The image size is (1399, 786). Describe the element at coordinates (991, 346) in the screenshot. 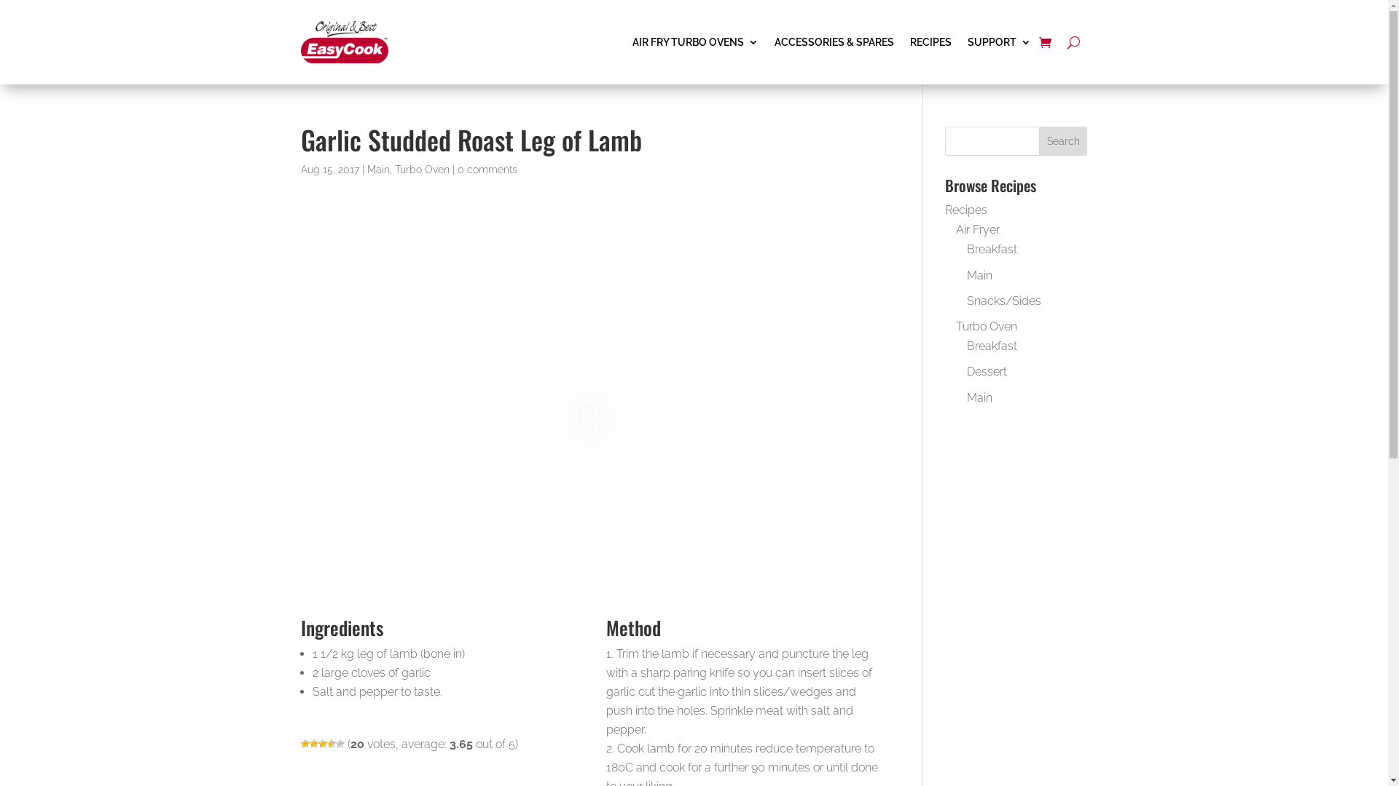

I see `'Breakfast'` at that location.